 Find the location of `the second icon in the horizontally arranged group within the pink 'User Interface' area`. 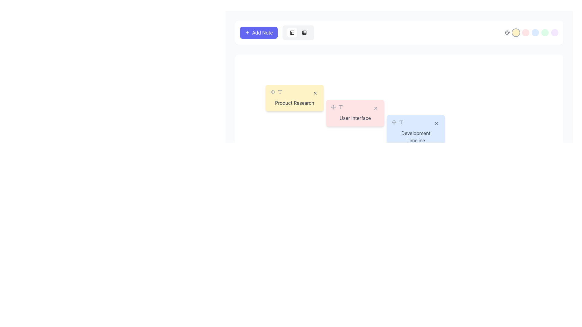

the second icon in the horizontally arranged group within the pink 'User Interface' area is located at coordinates (340, 107).